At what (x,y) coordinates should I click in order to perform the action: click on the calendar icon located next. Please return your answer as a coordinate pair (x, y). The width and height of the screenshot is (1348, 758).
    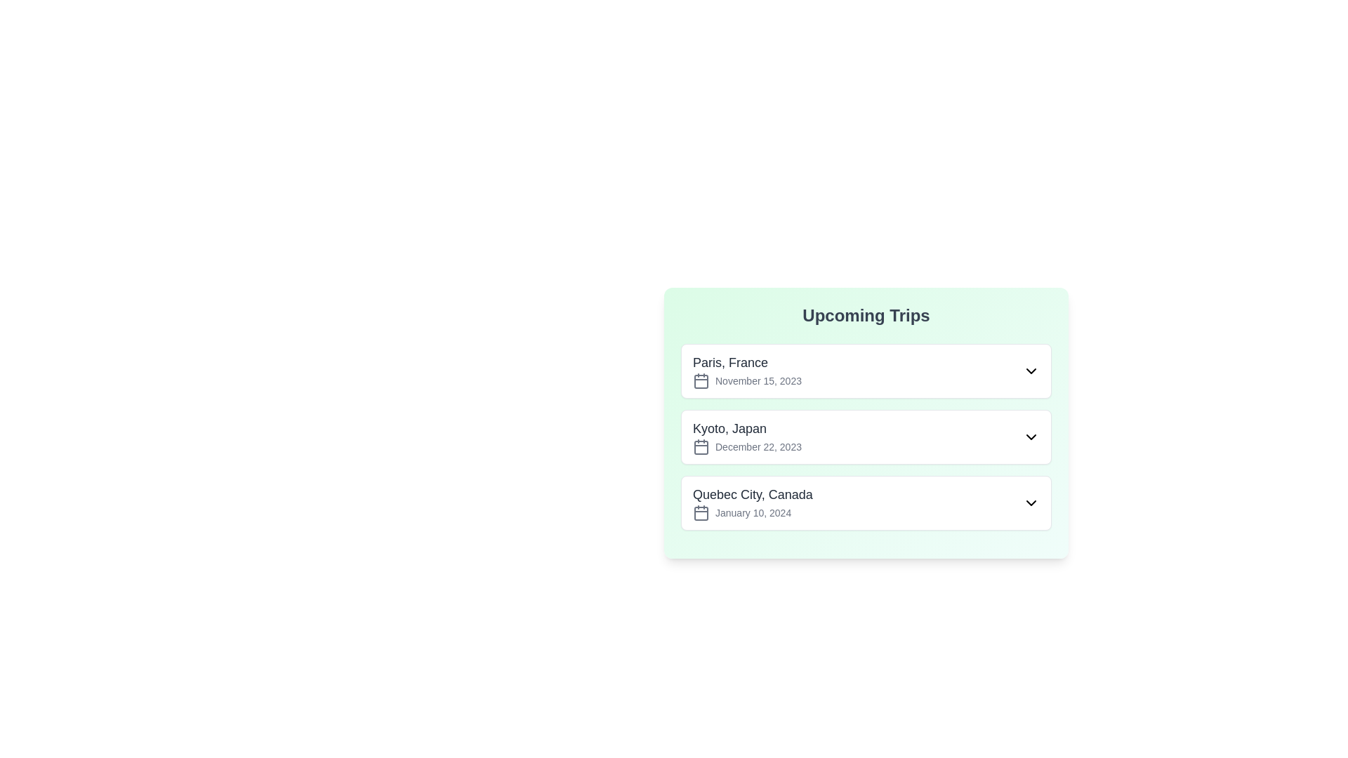
    Looking at the image, I should click on (701, 514).